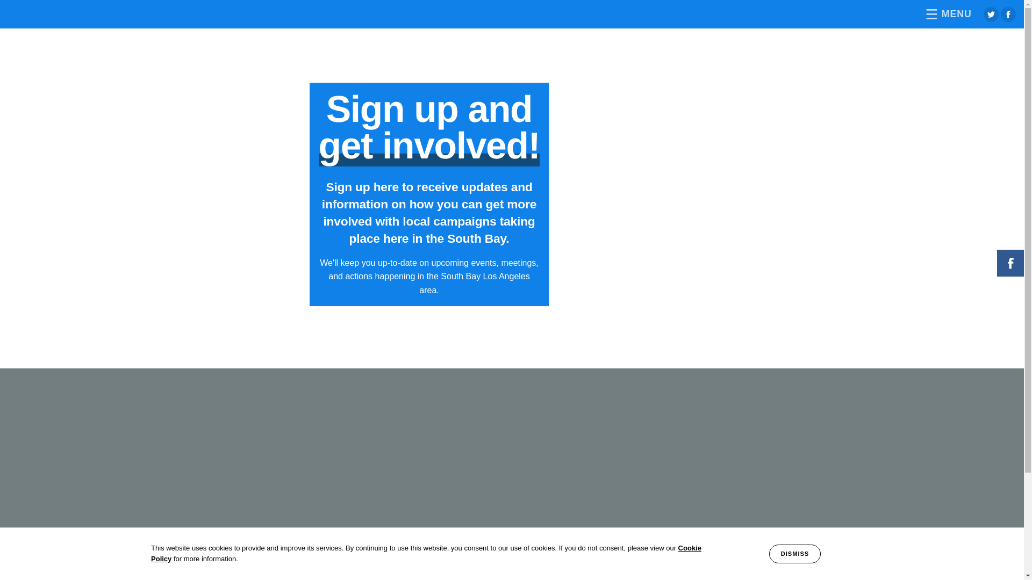 This screenshot has width=1032, height=580. Describe the element at coordinates (946, 14) in the screenshot. I see `'MENU'` at that location.